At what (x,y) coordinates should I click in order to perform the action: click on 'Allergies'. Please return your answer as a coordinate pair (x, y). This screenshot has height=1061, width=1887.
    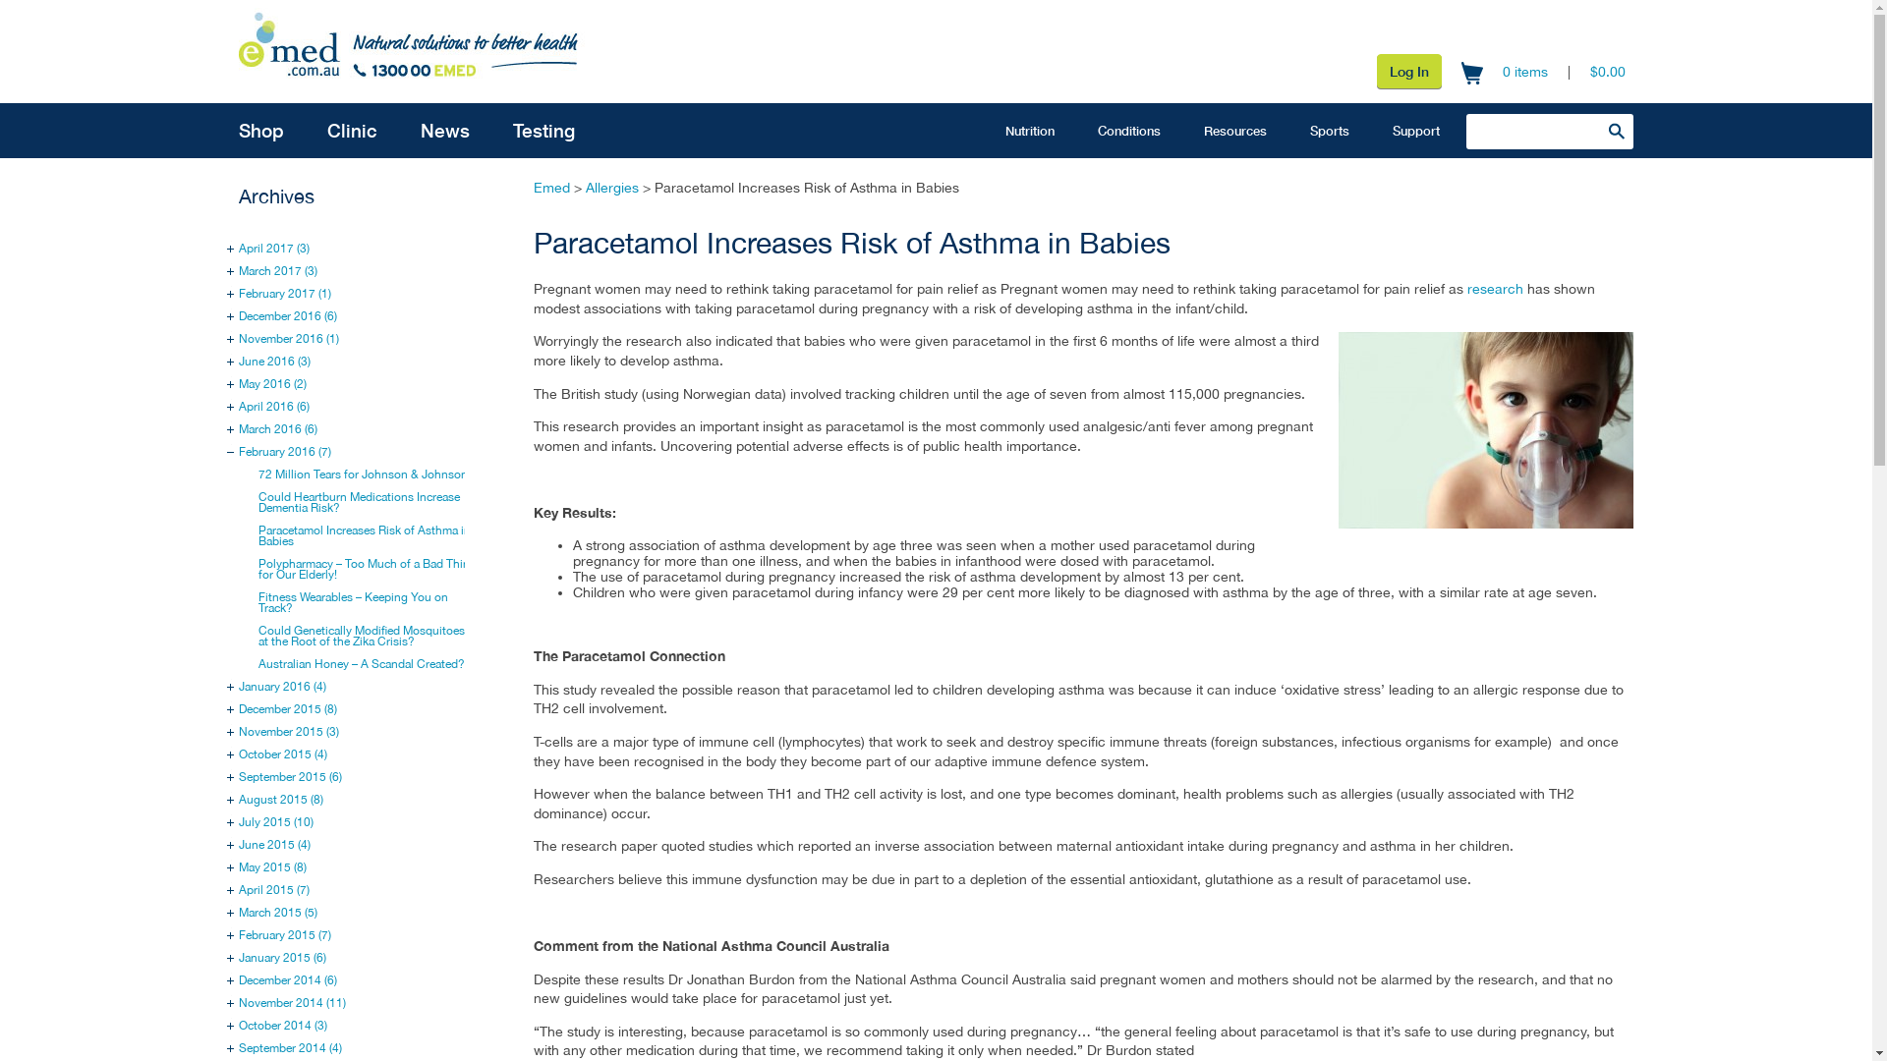
    Looking at the image, I should click on (611, 188).